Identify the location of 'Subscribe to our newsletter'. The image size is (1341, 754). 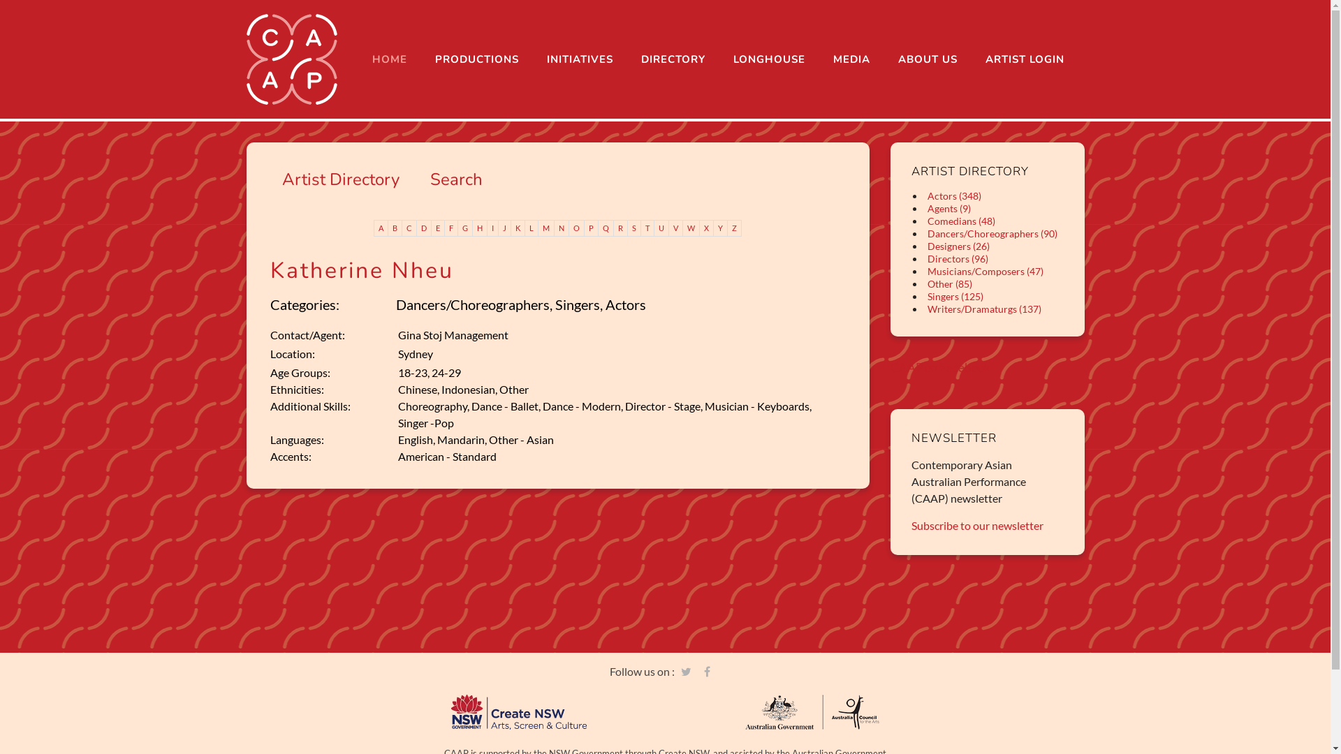
(976, 525).